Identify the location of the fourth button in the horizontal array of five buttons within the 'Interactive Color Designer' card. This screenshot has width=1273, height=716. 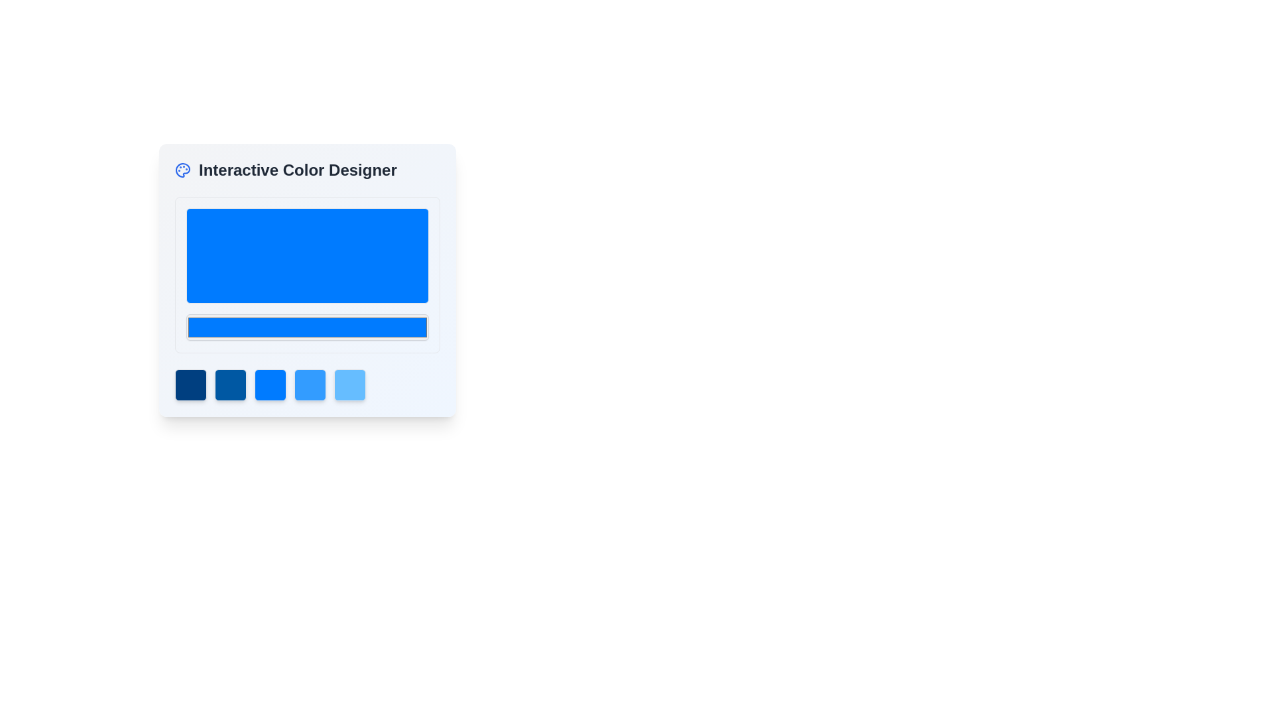
(307, 385).